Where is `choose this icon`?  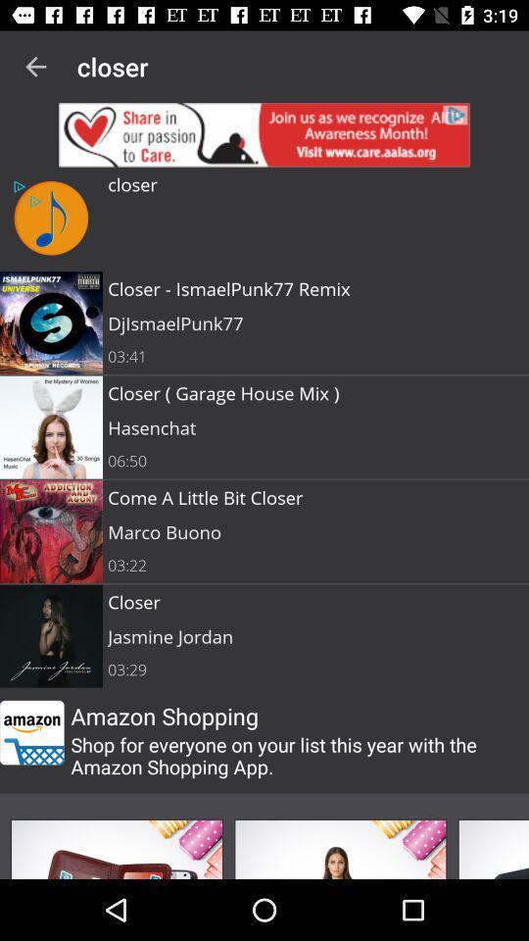 choose this icon is located at coordinates (117, 848).